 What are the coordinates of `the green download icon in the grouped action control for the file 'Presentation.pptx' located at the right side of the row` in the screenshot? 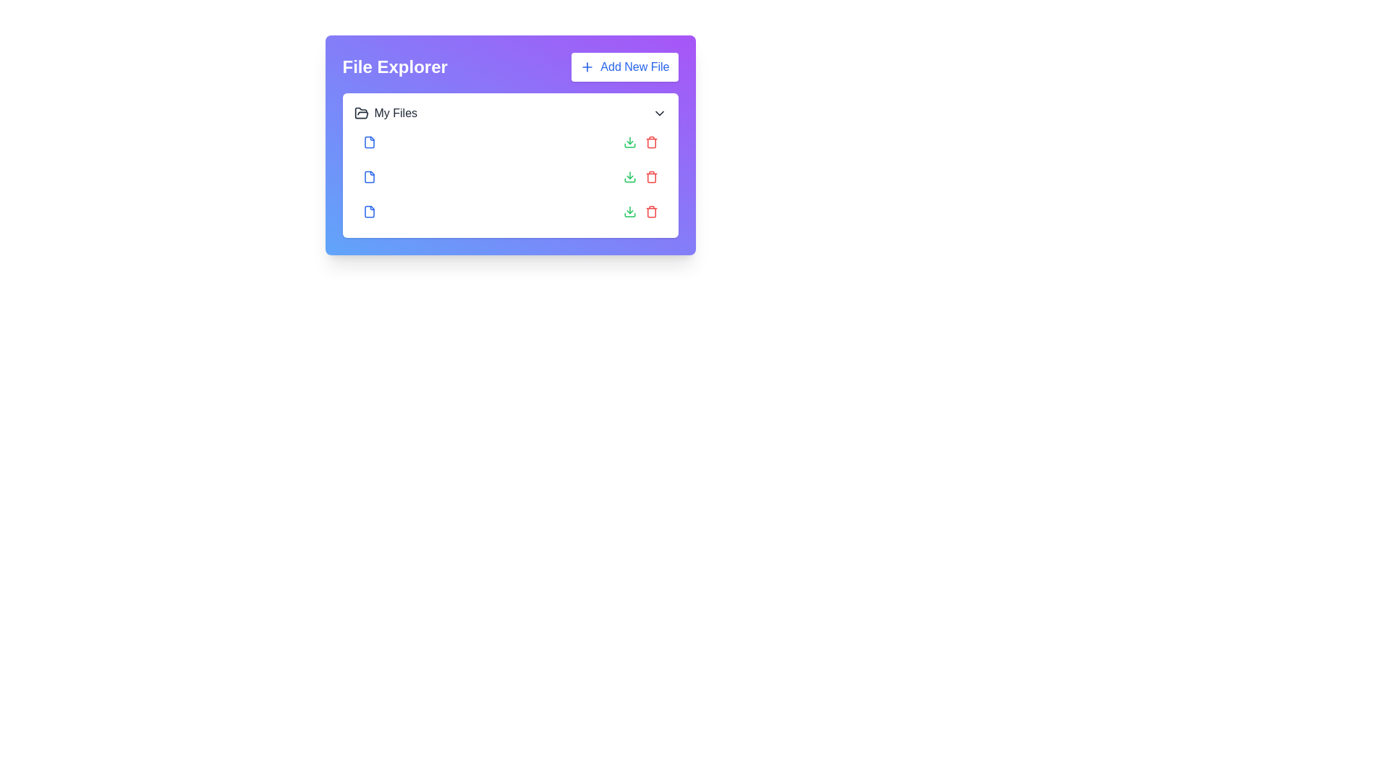 It's located at (640, 212).